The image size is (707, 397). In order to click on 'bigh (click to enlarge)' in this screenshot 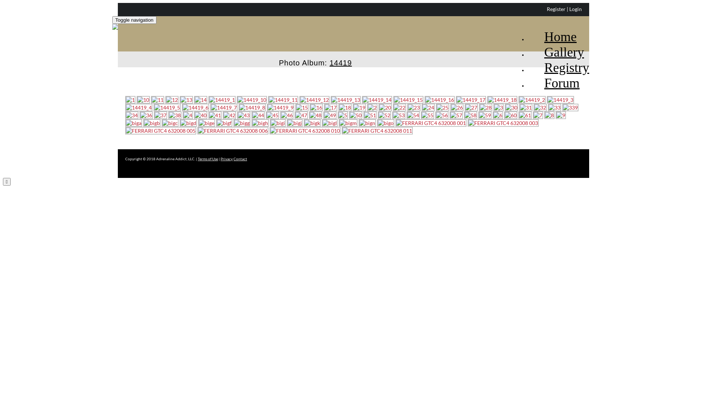, I will do `click(251, 122)`.